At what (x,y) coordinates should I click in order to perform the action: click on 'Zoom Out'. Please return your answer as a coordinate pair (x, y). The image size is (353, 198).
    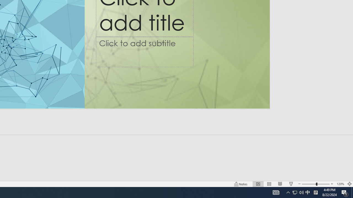
    Looking at the image, I should click on (309, 184).